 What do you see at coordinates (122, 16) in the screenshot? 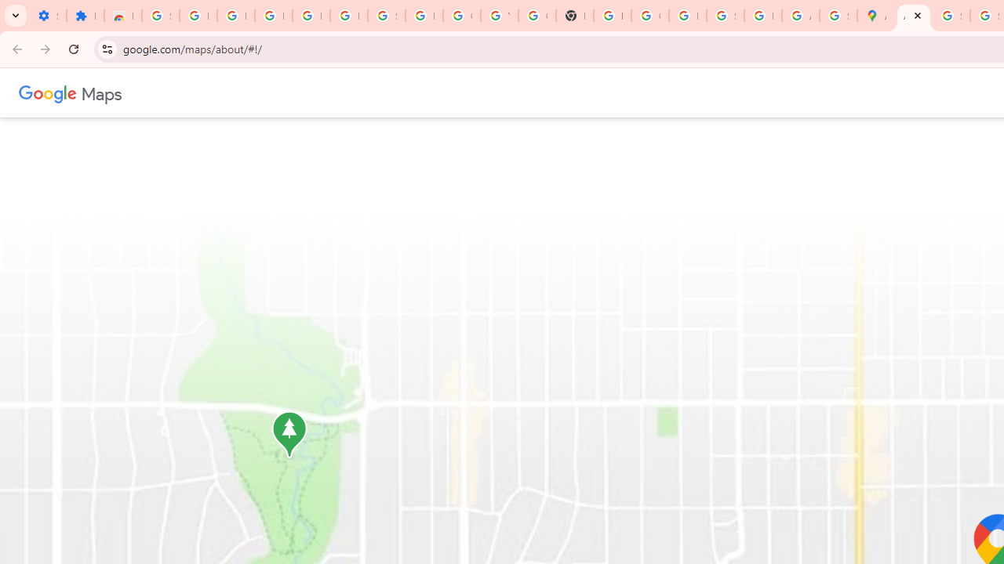
I see `'Reviews: Helix Fruit Jump Arcade Game'` at bounding box center [122, 16].